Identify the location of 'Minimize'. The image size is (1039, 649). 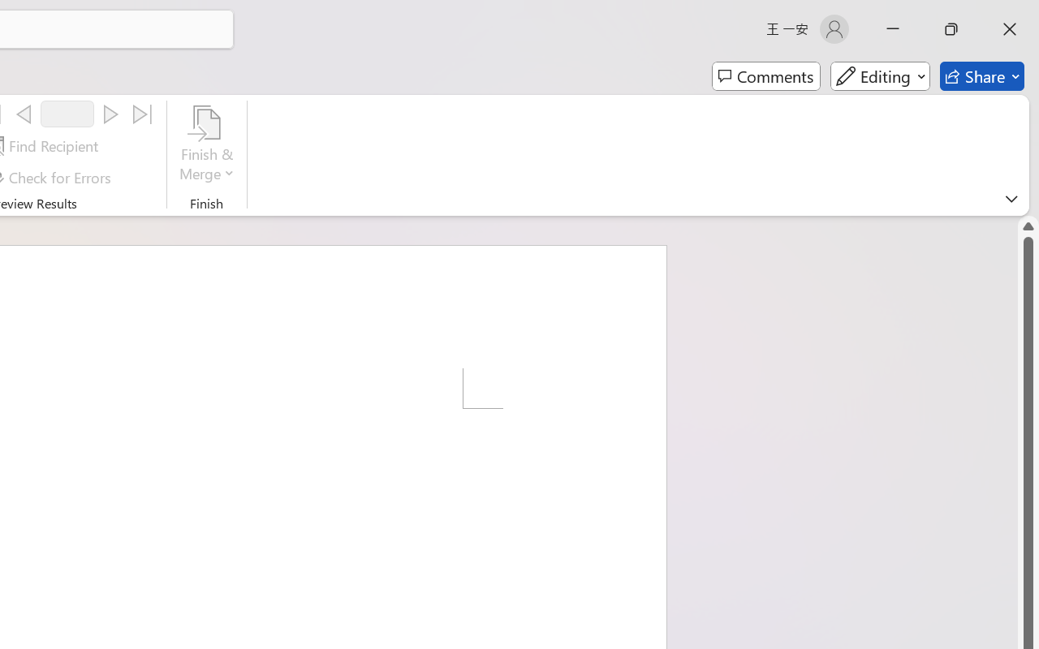
(892, 28).